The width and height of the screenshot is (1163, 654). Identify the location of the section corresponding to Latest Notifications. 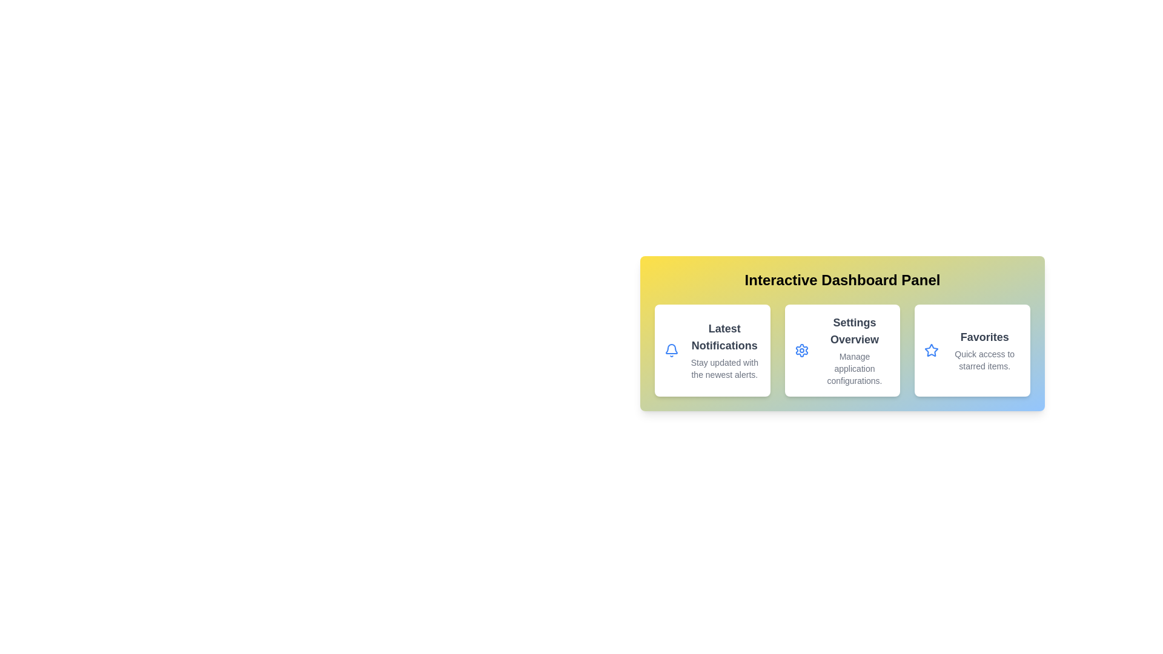
(712, 350).